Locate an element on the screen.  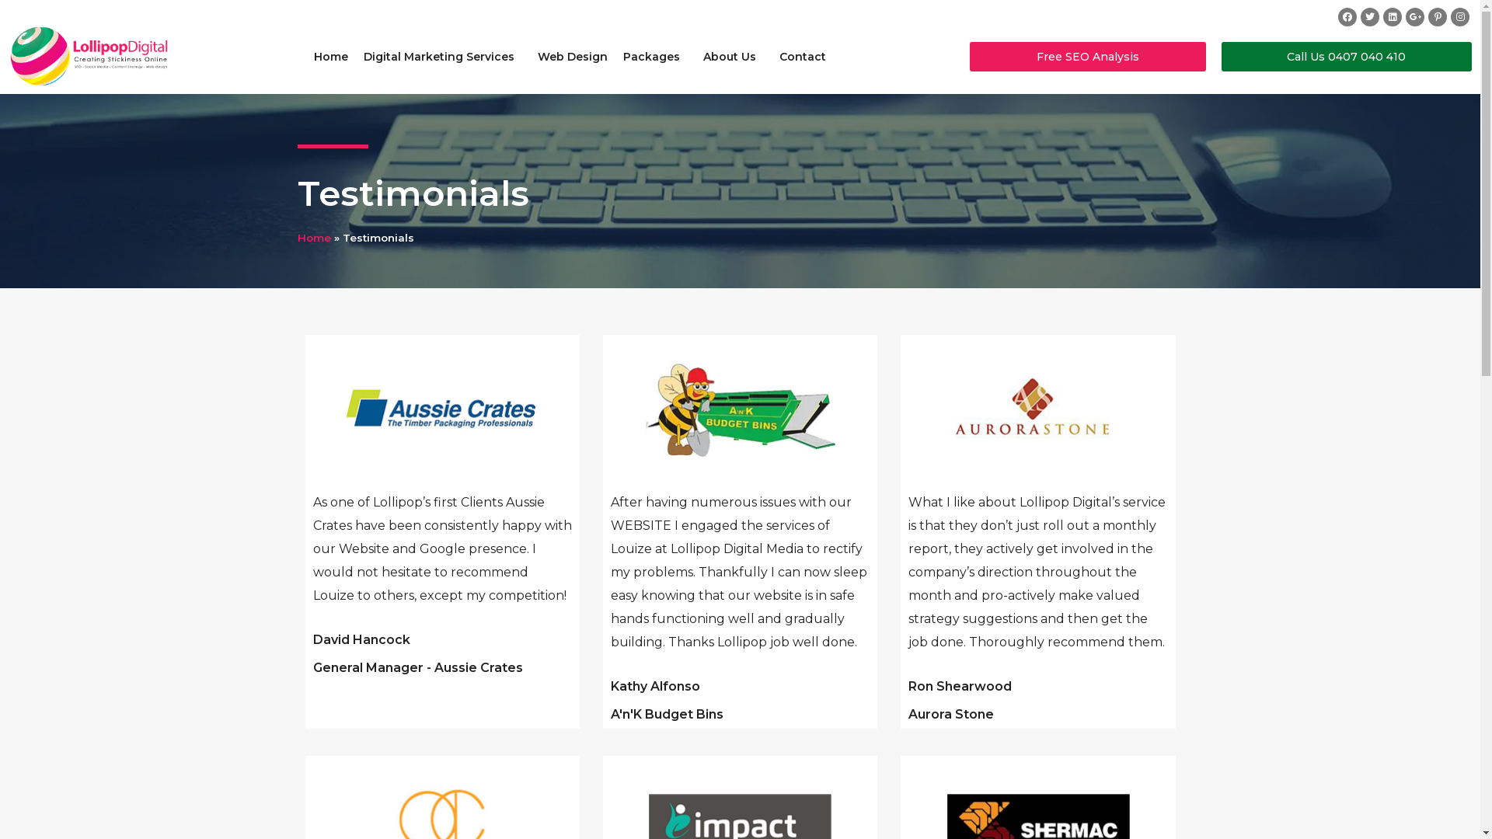
'Web Design' is located at coordinates (572, 56).